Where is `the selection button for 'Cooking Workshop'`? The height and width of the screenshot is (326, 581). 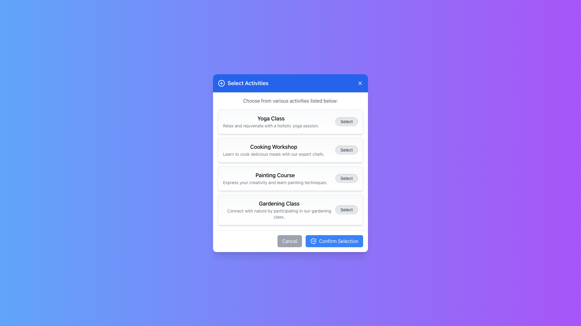
the selection button for 'Cooking Workshop' is located at coordinates (346, 149).